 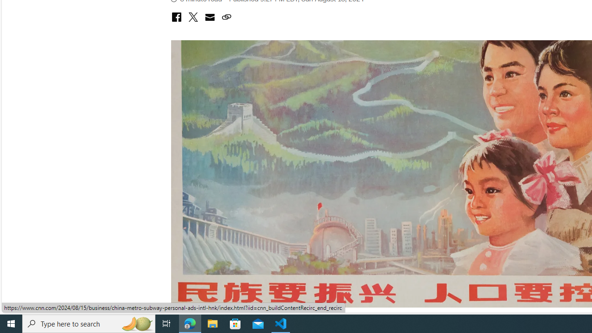 What do you see at coordinates (192, 17) in the screenshot?
I see `'Class: icon-social-twitter'` at bounding box center [192, 17].